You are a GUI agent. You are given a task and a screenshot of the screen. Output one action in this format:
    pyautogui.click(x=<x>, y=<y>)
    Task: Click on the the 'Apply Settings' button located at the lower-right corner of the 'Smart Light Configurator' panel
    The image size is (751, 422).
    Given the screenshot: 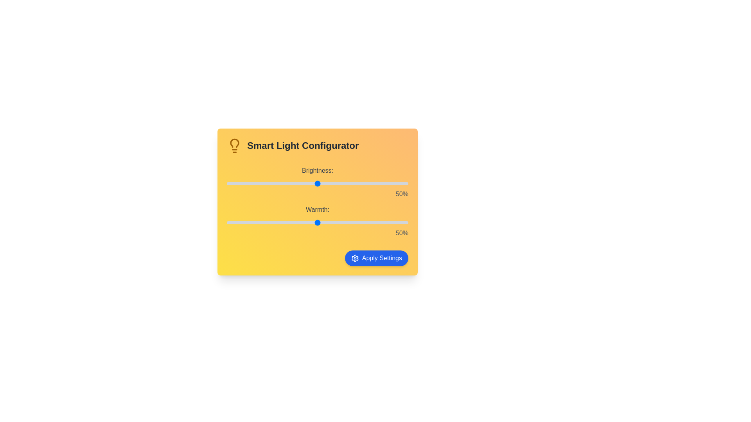 What is the action you would take?
    pyautogui.click(x=376, y=258)
    